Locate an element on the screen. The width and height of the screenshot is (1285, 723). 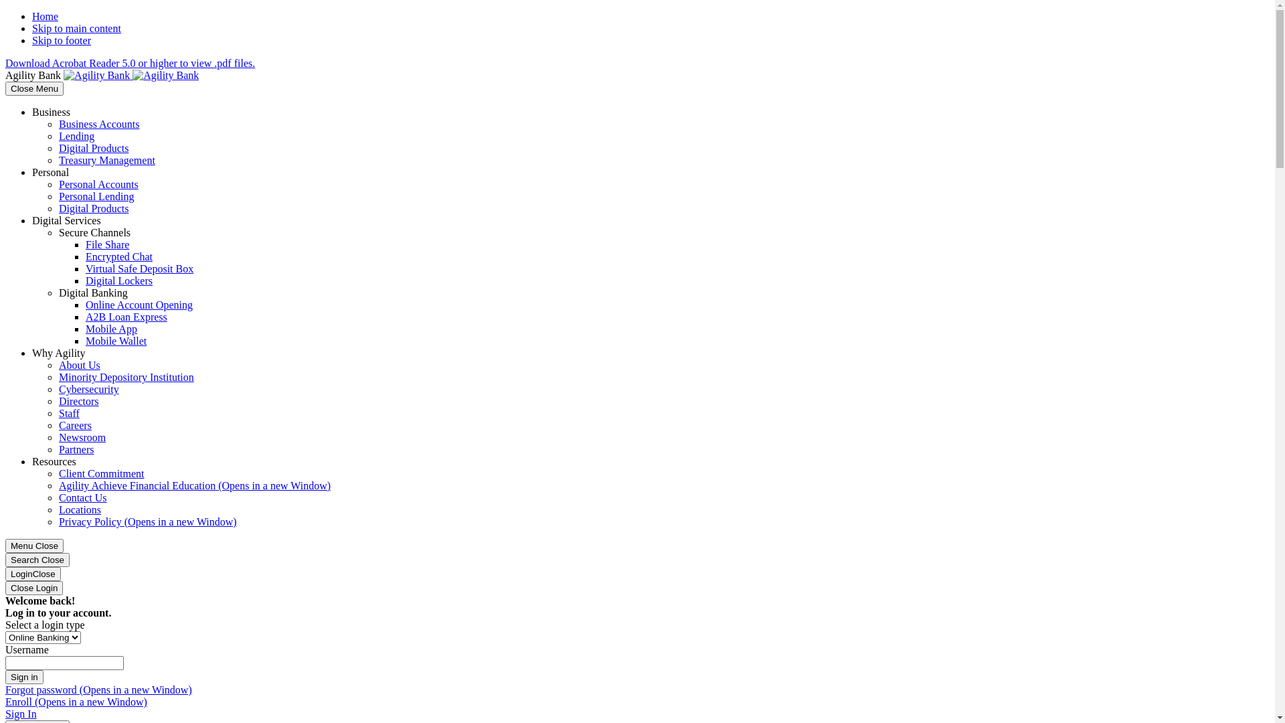
'Skip to main content' is located at coordinates (76, 28).